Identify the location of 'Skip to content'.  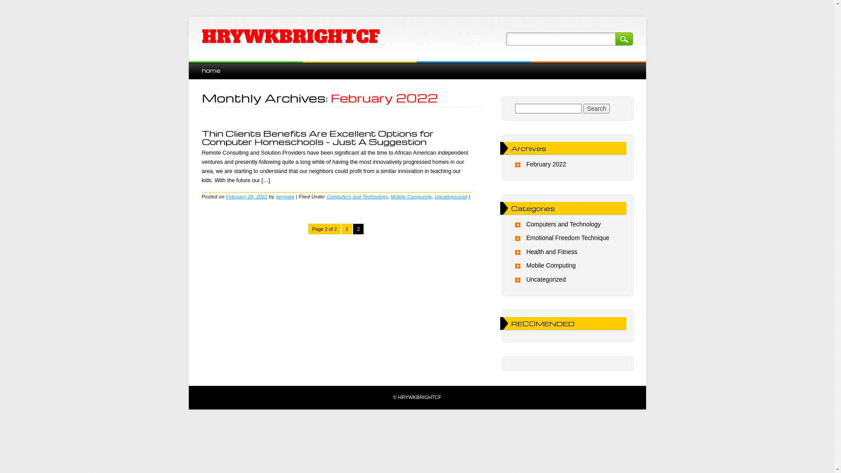
(208, 65).